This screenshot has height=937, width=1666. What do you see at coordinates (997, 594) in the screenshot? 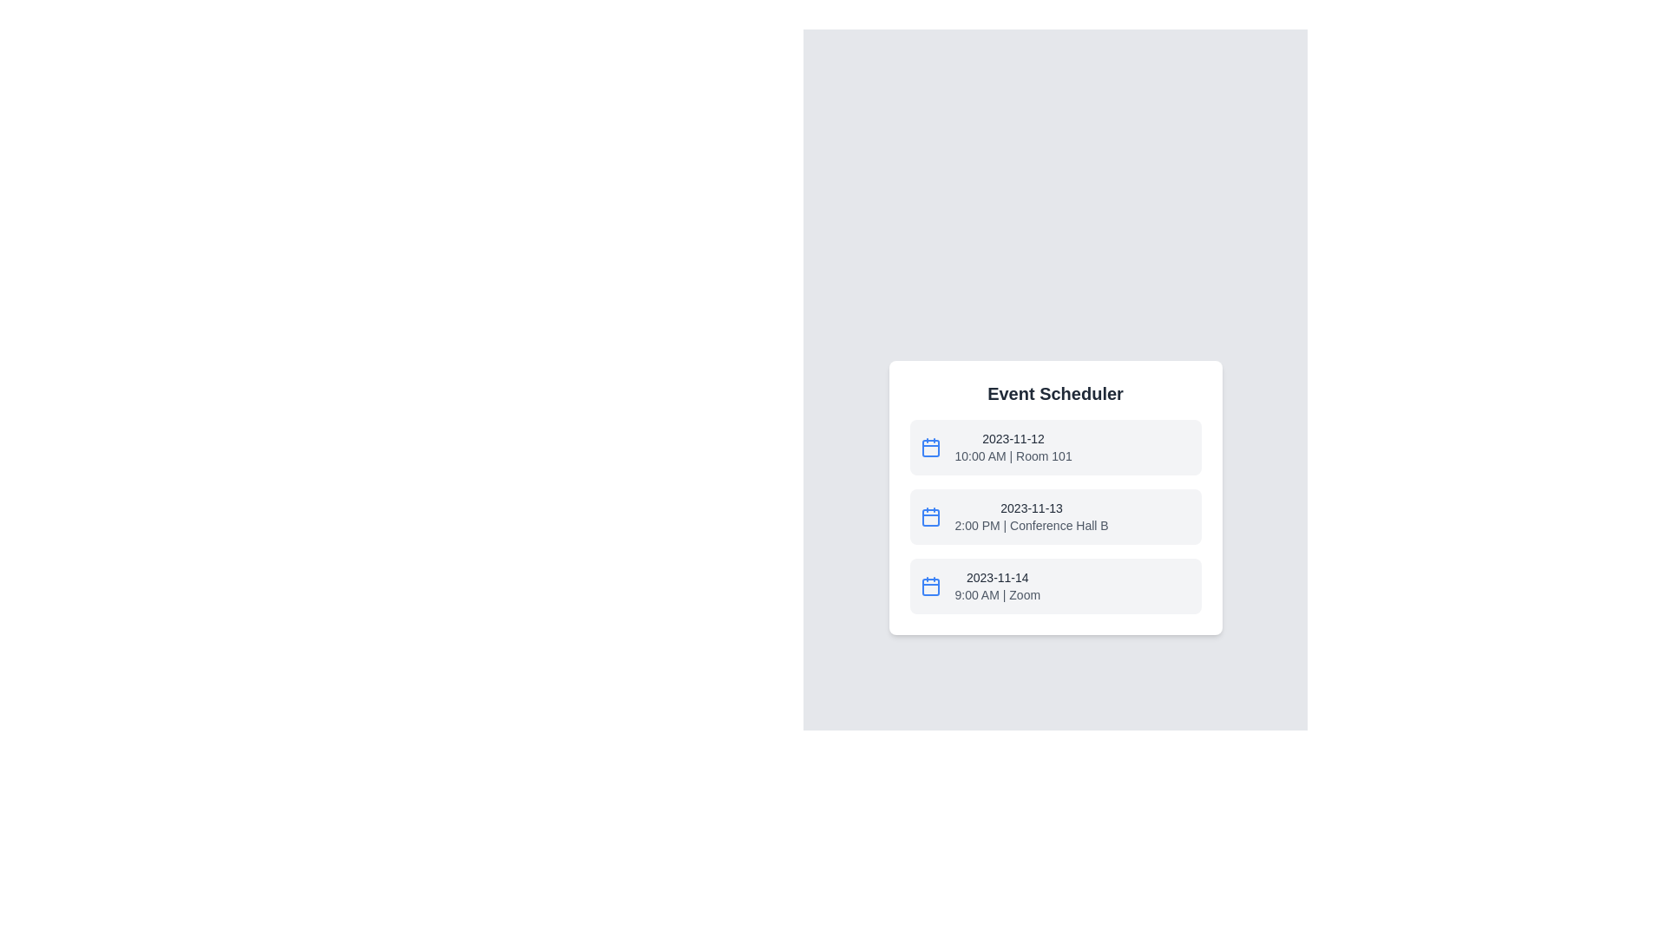
I see `text label displaying the time and location information for the event scheduled on '2023-11-14', located below the date in the third event item of the vertically arranged list` at bounding box center [997, 594].